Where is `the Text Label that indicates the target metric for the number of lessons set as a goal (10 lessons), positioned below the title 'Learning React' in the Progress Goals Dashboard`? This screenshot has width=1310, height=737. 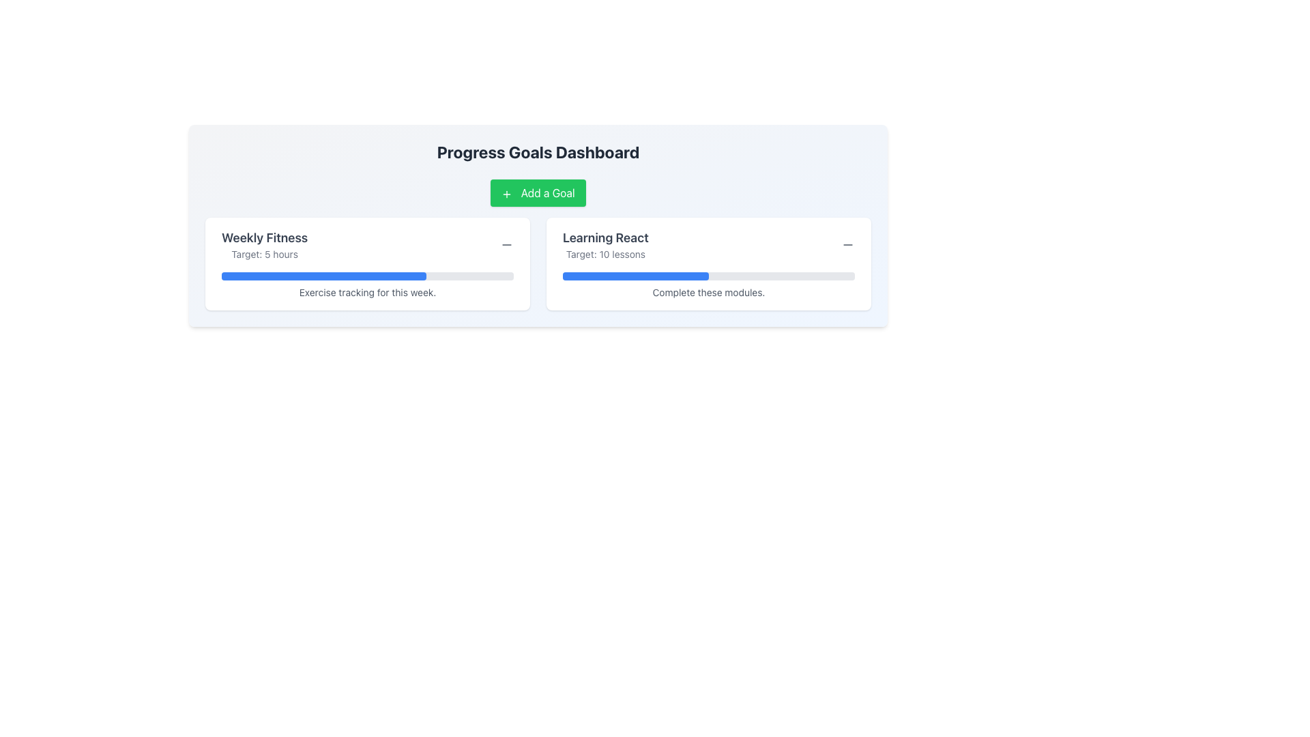 the Text Label that indicates the target metric for the number of lessons set as a goal (10 lessons), positioned below the title 'Learning React' in the Progress Goals Dashboard is located at coordinates (605, 255).